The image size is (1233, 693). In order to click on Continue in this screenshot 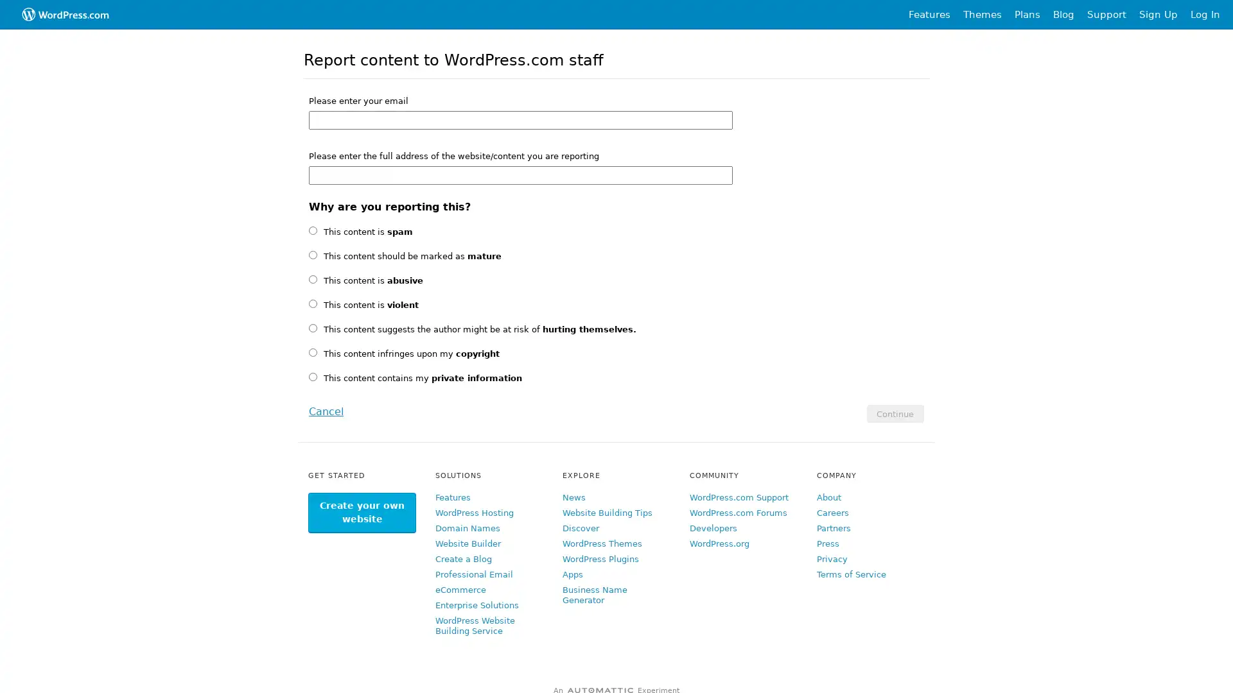, I will do `click(894, 413)`.